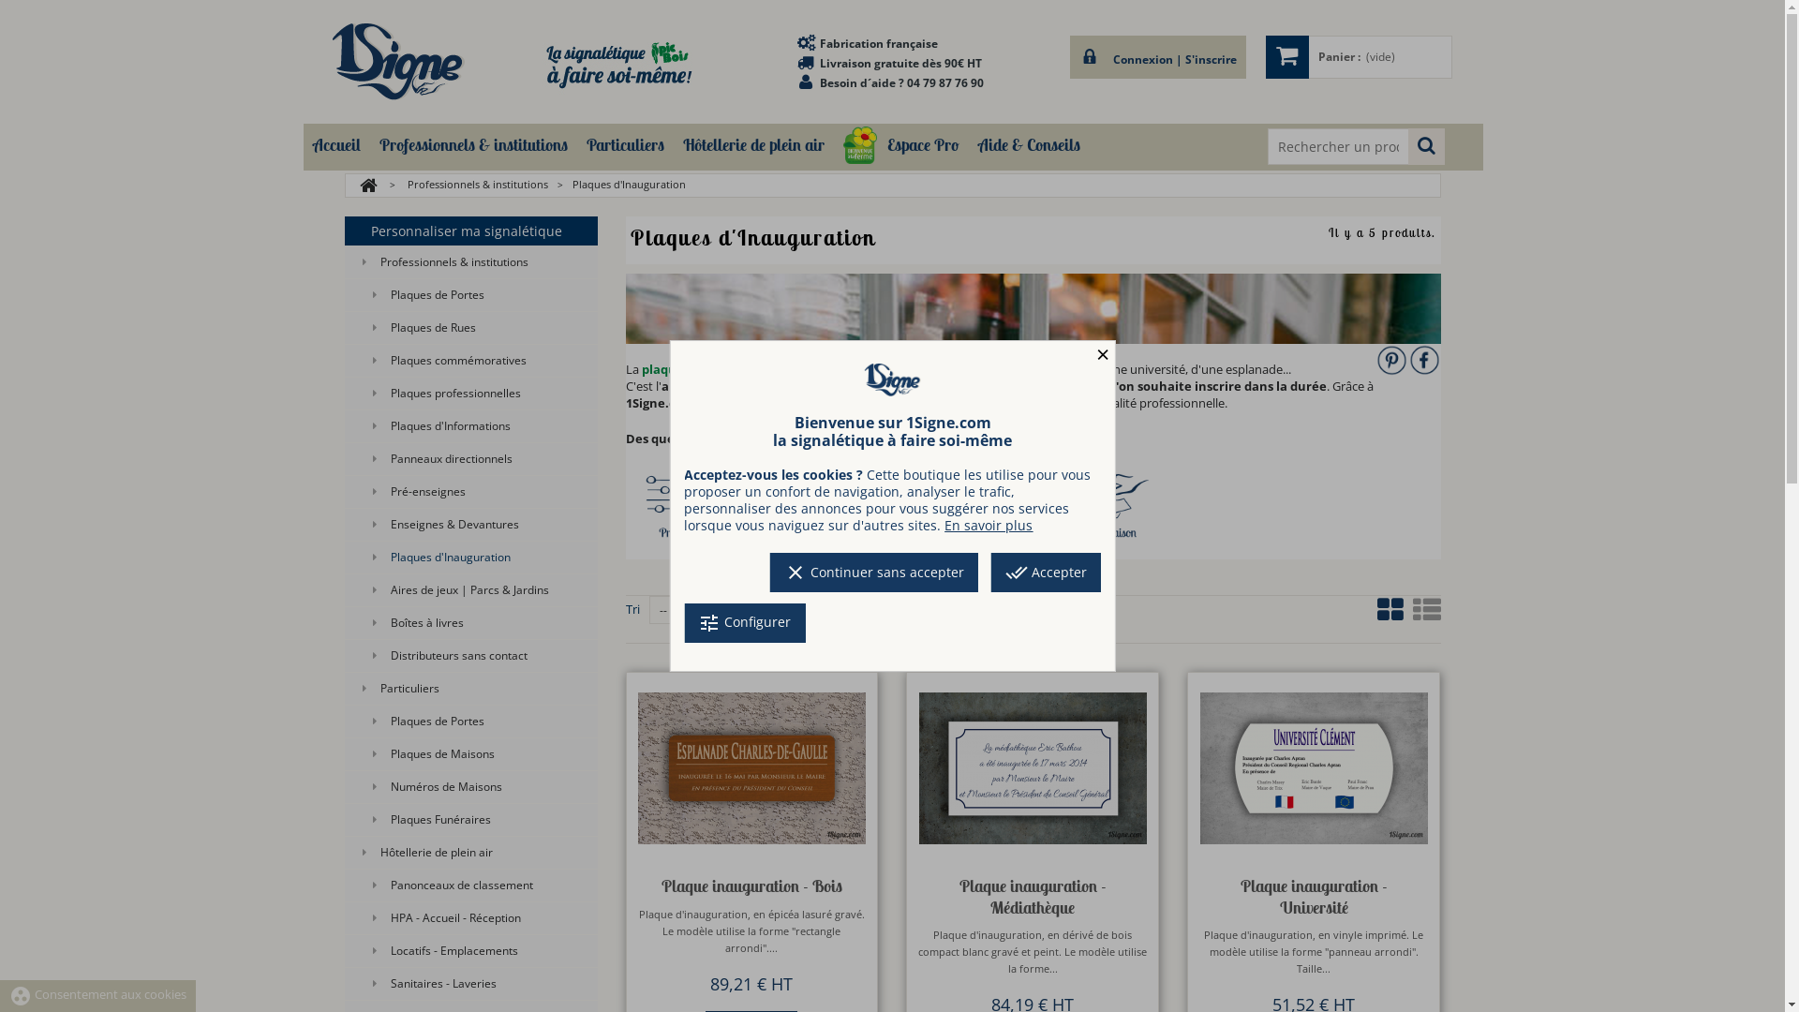 This screenshot has height=1012, width=1799. I want to click on 'Plaques professionnelles', so click(471, 393).